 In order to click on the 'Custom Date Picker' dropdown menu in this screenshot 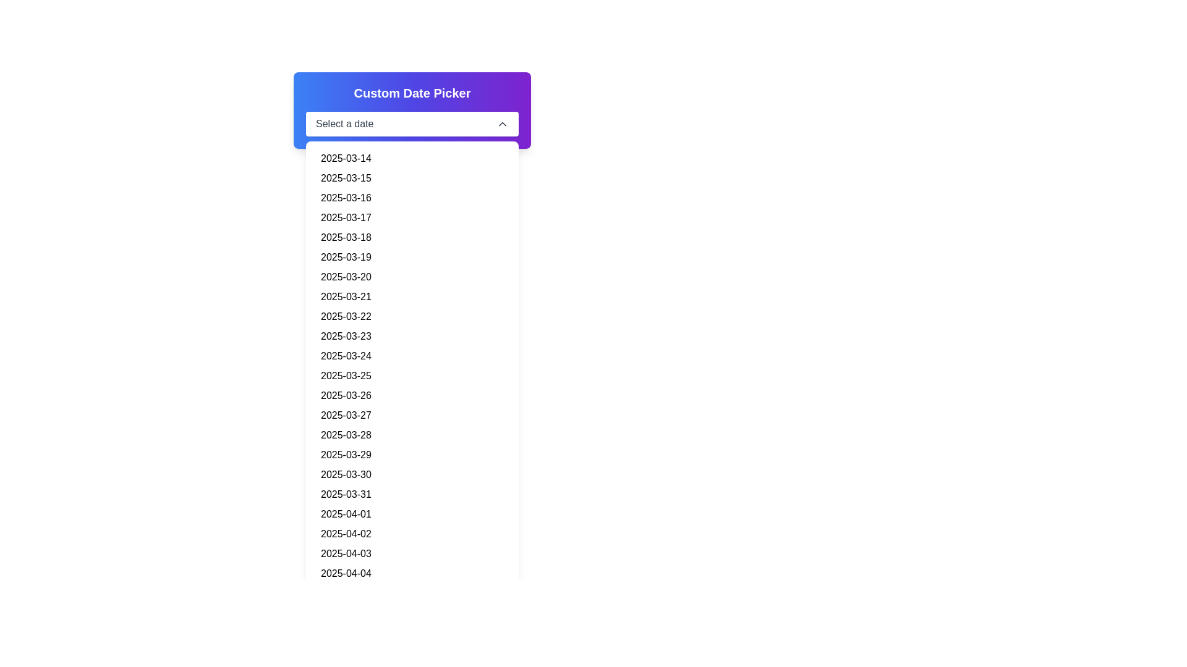, I will do `click(412, 109)`.